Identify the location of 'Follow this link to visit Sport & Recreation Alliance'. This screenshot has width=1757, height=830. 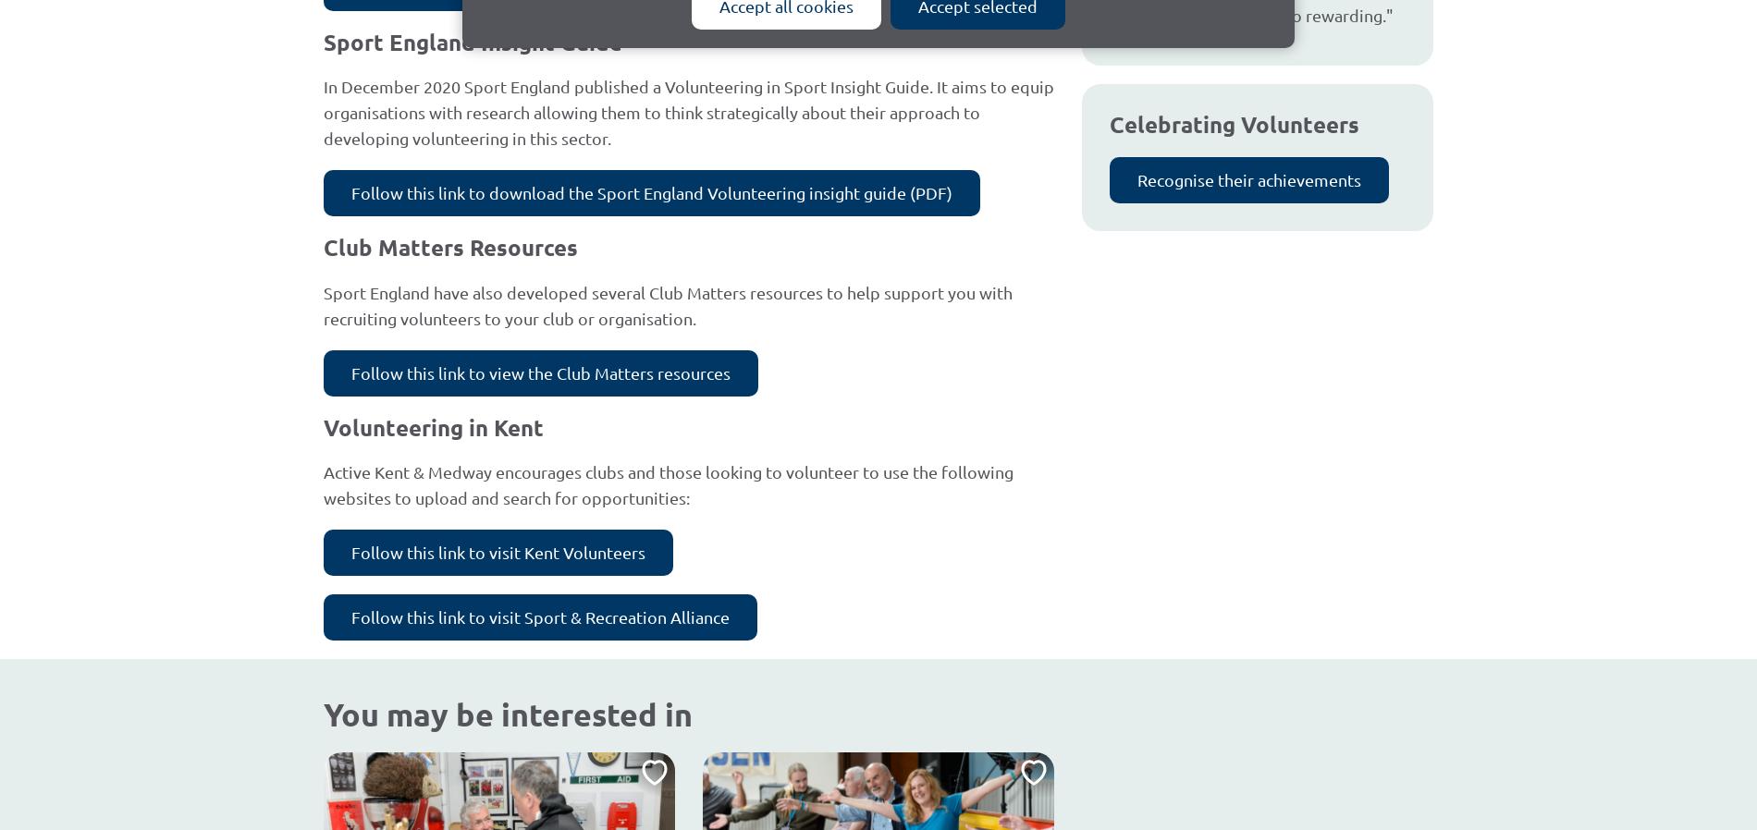
(540, 616).